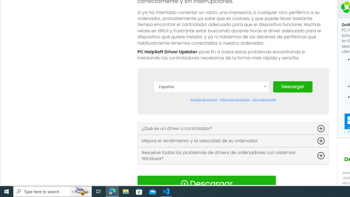 This screenshot has height=197, width=350. What do you see at coordinates (211, 162) in the screenshot?
I see `'Italiano'` at bounding box center [211, 162].